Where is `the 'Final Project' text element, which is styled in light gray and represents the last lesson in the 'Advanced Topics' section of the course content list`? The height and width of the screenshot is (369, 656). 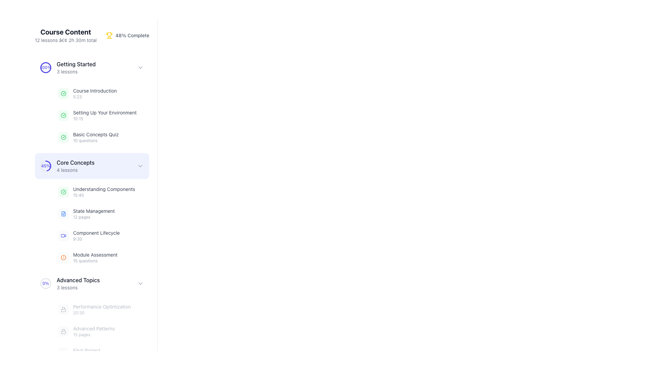
the 'Final Project' text element, which is styled in light gray and represents the last lesson in the 'Advanced Topics' section of the course content list is located at coordinates (79, 353).